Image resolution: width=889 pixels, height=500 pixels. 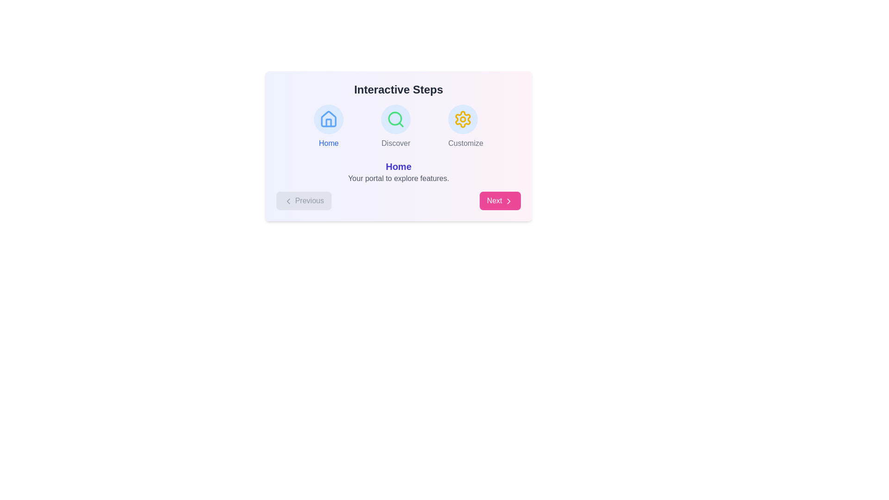 I want to click on the right-pointing Chevron arrow icon within the pink 'Next' button located at the bottom right of the dialog to indicate continuation or progression in the sequence, so click(x=508, y=200).